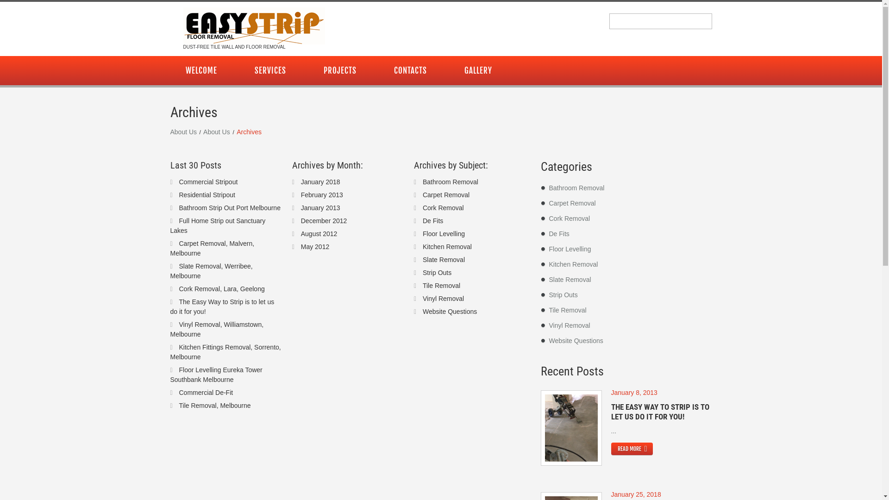  I want to click on 'Bathroom Removal', so click(576, 187).